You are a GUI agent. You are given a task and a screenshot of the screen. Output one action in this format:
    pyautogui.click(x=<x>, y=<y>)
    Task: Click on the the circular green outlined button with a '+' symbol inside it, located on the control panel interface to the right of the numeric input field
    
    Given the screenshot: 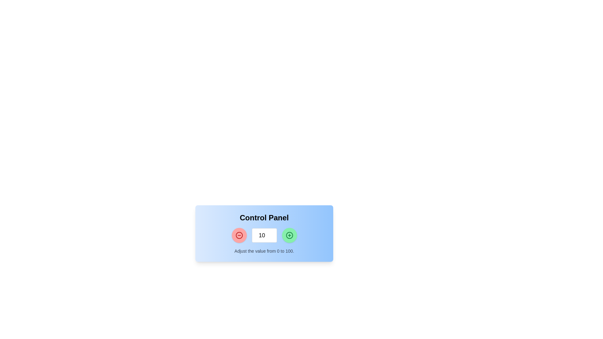 What is the action you would take?
    pyautogui.click(x=289, y=235)
    